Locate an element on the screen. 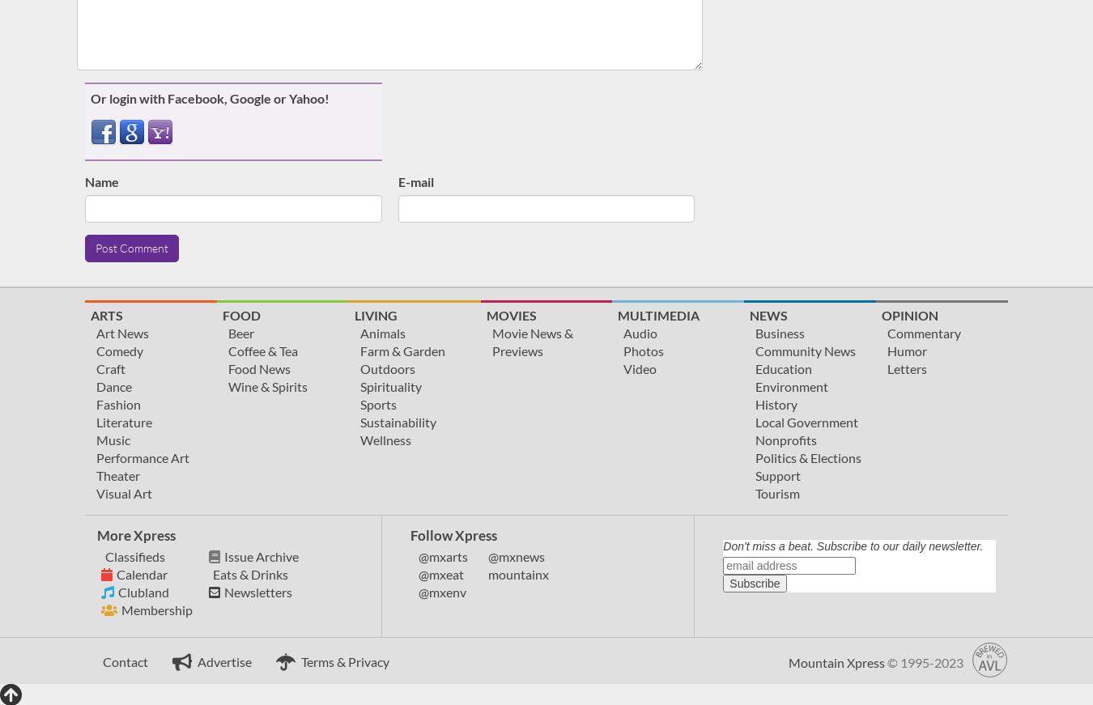  'Art News' is located at coordinates (96, 332).